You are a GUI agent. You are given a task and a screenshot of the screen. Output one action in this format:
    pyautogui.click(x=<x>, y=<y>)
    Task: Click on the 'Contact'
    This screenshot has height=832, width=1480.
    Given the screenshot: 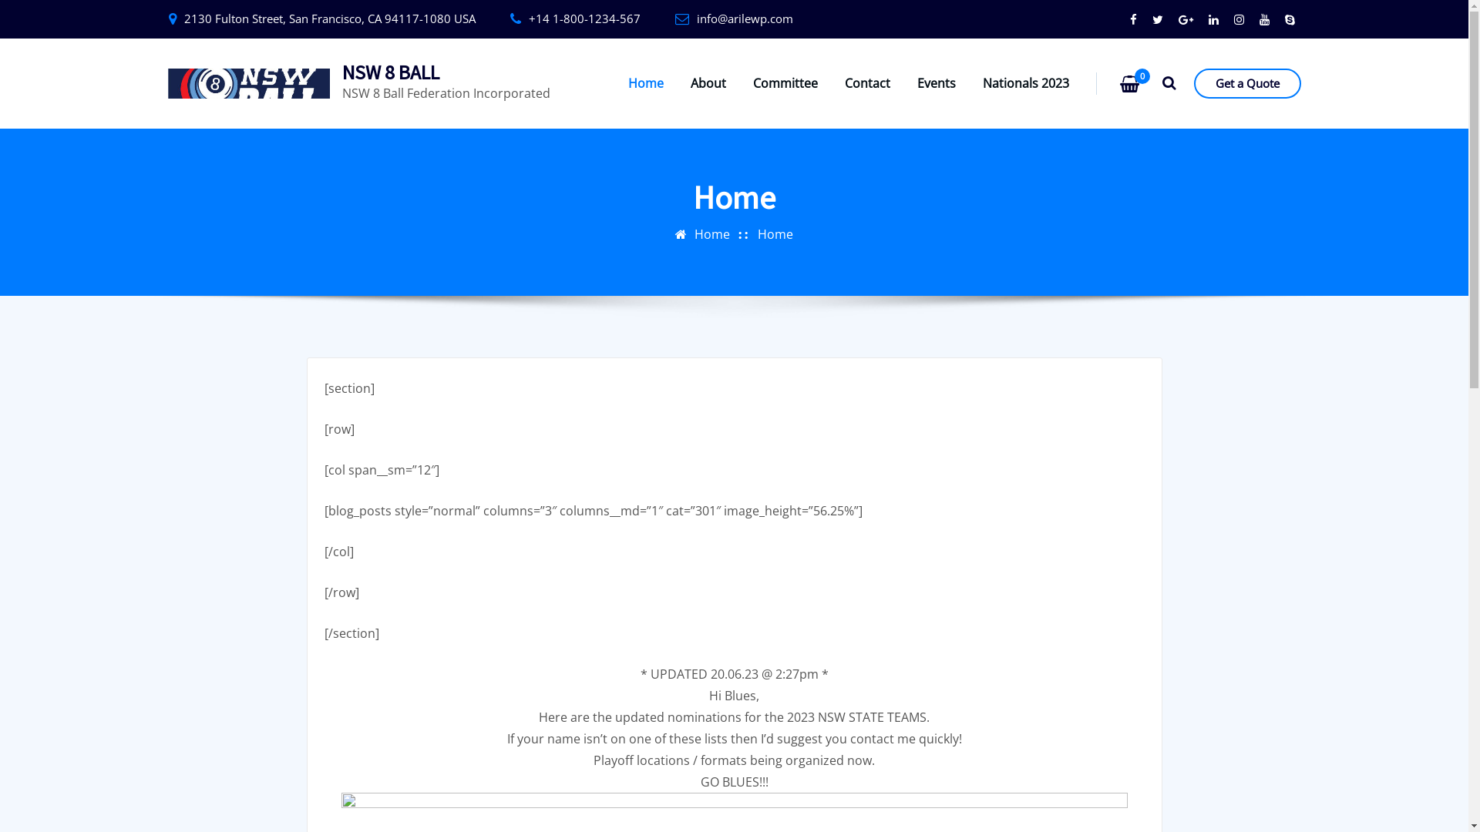 What is the action you would take?
    pyautogui.click(x=867, y=83)
    